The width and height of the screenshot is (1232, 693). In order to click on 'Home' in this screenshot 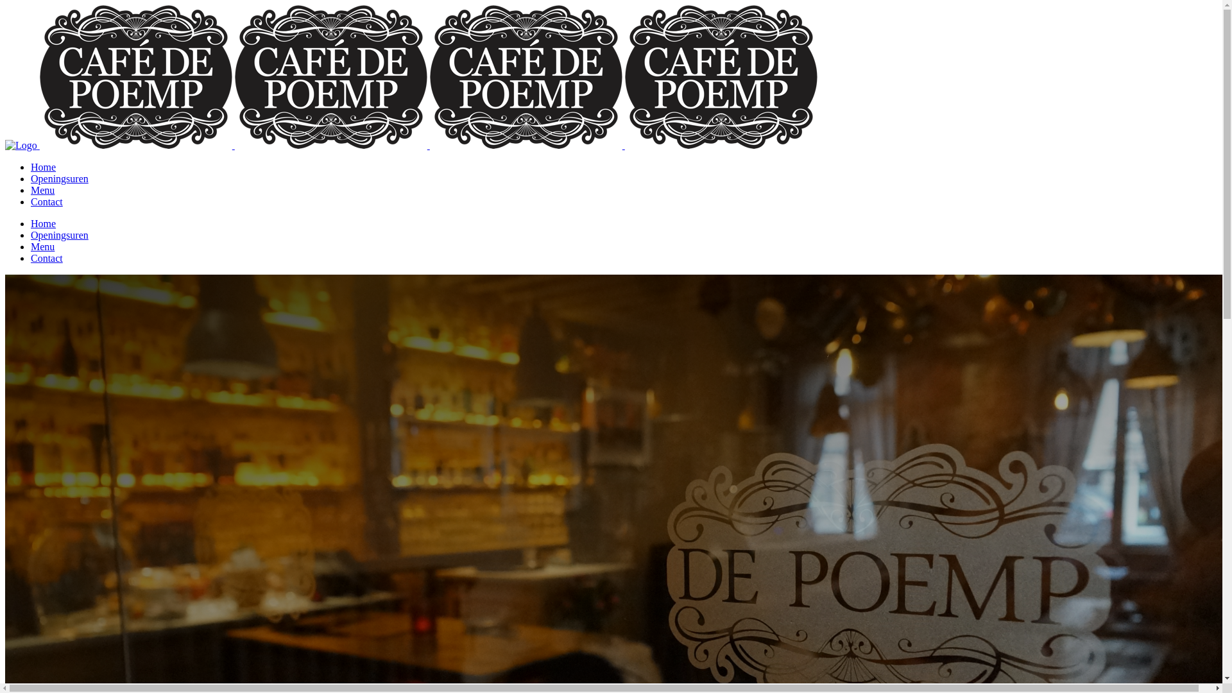, I will do `click(43, 166)`.